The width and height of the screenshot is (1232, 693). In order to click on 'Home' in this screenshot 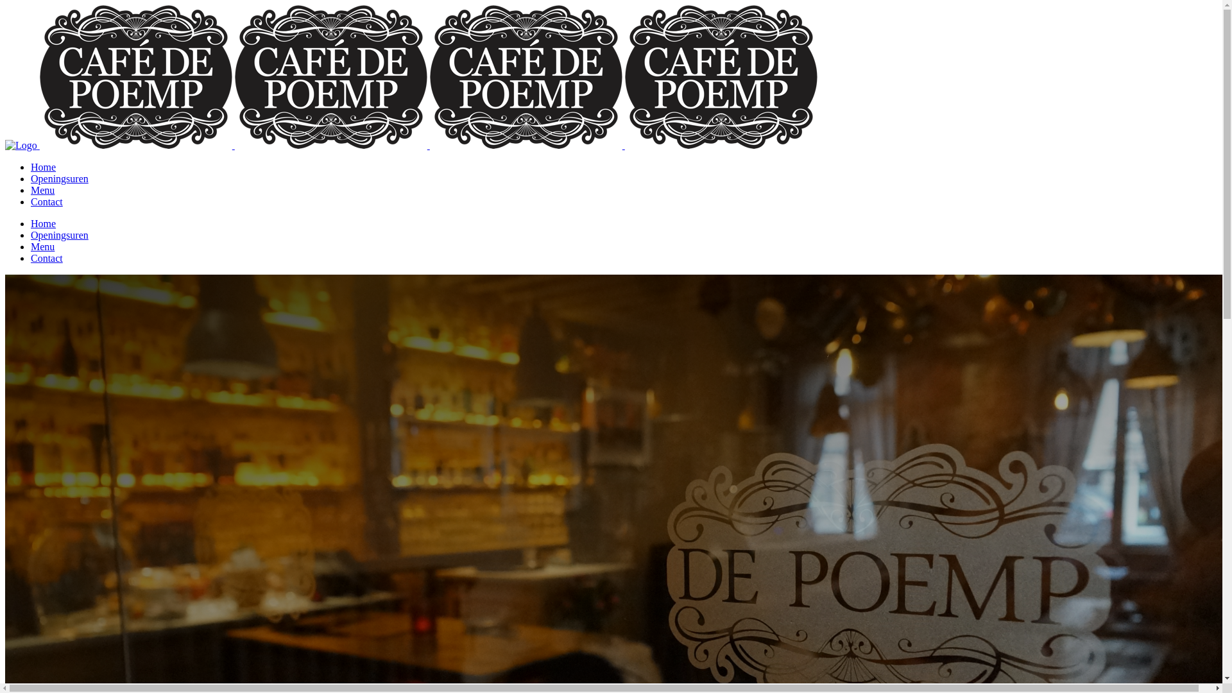, I will do `click(43, 166)`.